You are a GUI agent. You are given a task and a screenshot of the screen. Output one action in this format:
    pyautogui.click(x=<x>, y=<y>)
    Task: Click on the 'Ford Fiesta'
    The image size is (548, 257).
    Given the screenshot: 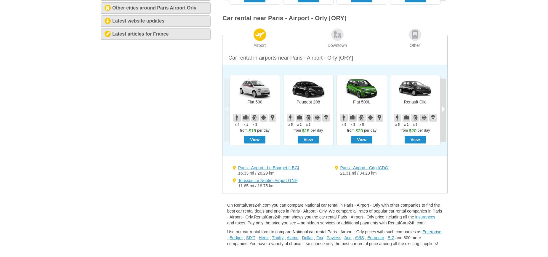 What is the action you would take?
    pyautogui.click(x=522, y=101)
    